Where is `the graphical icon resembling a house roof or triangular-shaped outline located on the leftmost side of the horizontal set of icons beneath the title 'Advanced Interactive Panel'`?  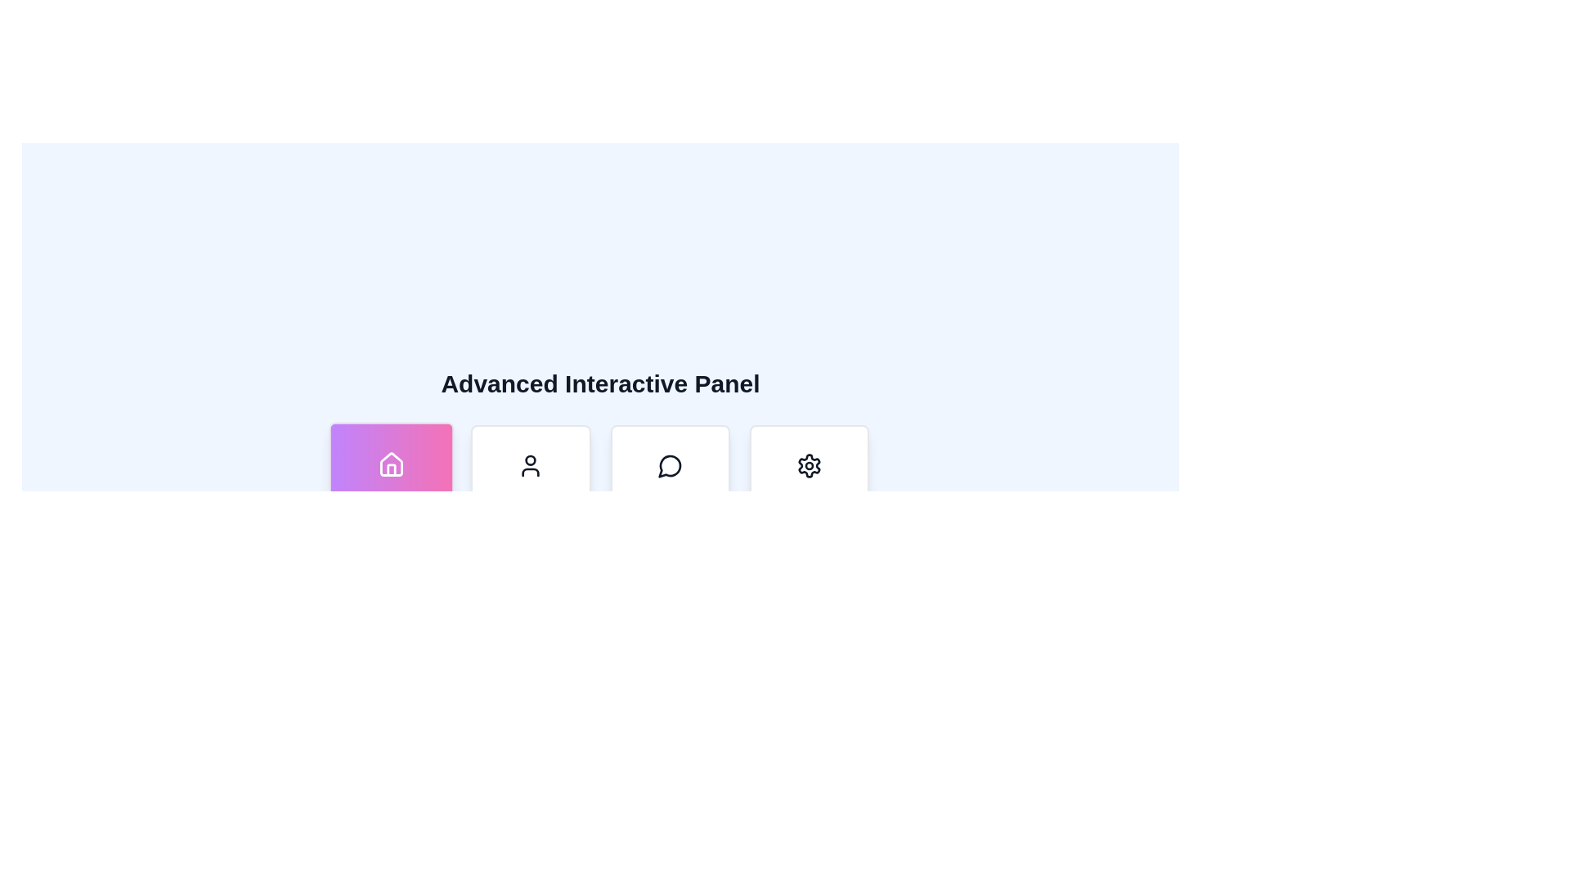 the graphical icon resembling a house roof or triangular-shaped outline located on the leftmost side of the horizontal set of icons beneath the title 'Advanced Interactive Panel' is located at coordinates (391, 464).